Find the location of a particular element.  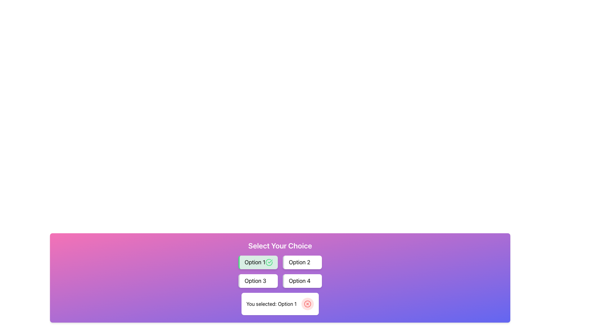

the 'Option 3' button located in the bottom-left section of the grid for keyboard navigation is located at coordinates (258, 281).